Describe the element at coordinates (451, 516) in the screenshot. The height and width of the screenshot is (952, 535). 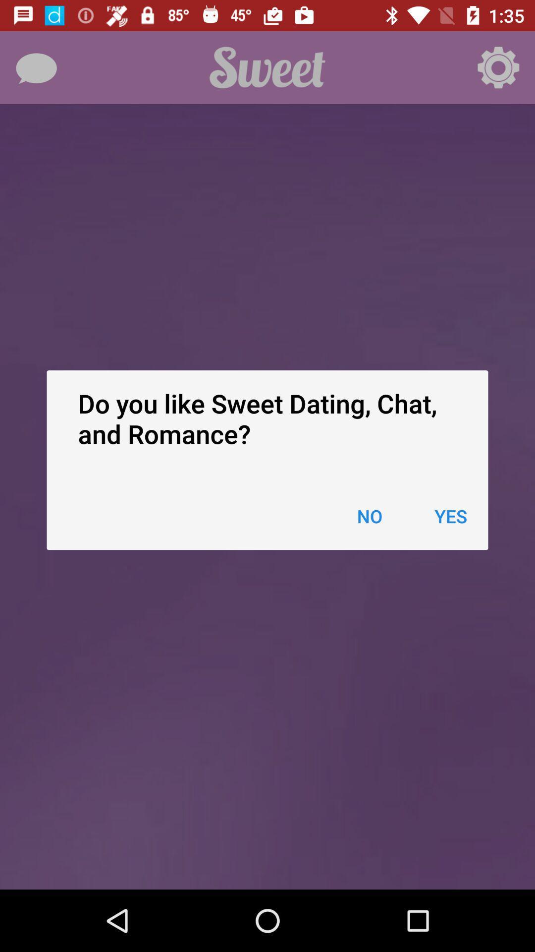
I see `item below do you like icon` at that location.